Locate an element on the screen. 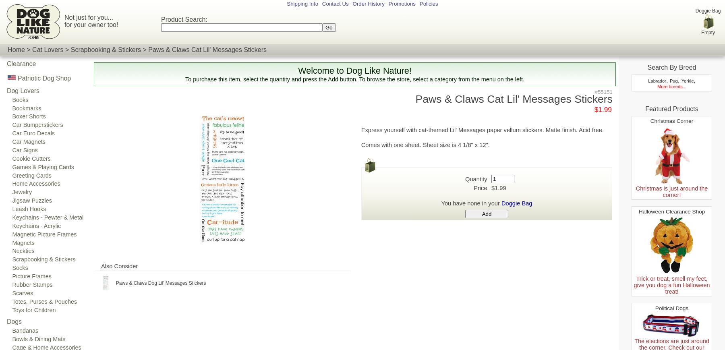 Image resolution: width=725 pixels, height=350 pixels. 'More breeds...' is located at coordinates (671, 86).